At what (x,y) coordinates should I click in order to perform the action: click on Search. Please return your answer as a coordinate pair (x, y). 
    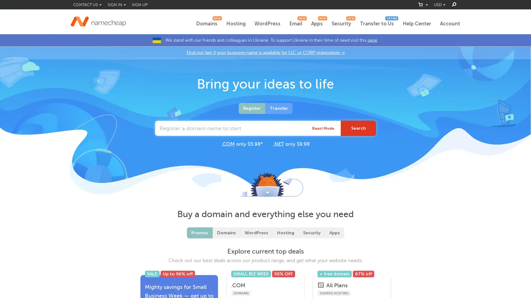
    Looking at the image, I should click on (358, 128).